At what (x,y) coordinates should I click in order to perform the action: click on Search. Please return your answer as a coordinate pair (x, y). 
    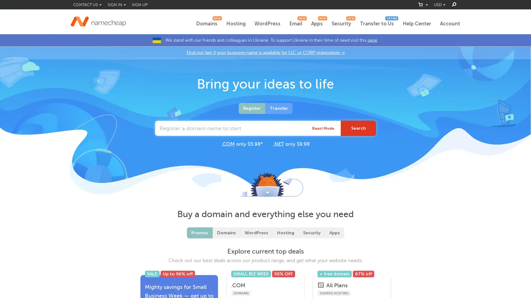
    Looking at the image, I should click on (358, 128).